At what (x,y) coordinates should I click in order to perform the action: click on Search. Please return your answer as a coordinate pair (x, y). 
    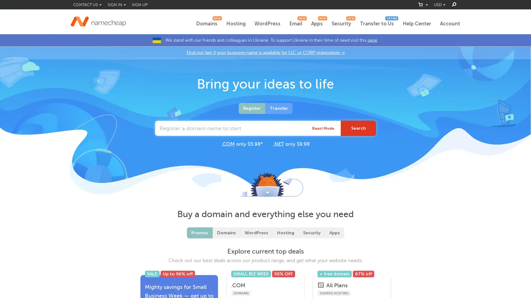
    Looking at the image, I should click on (358, 128).